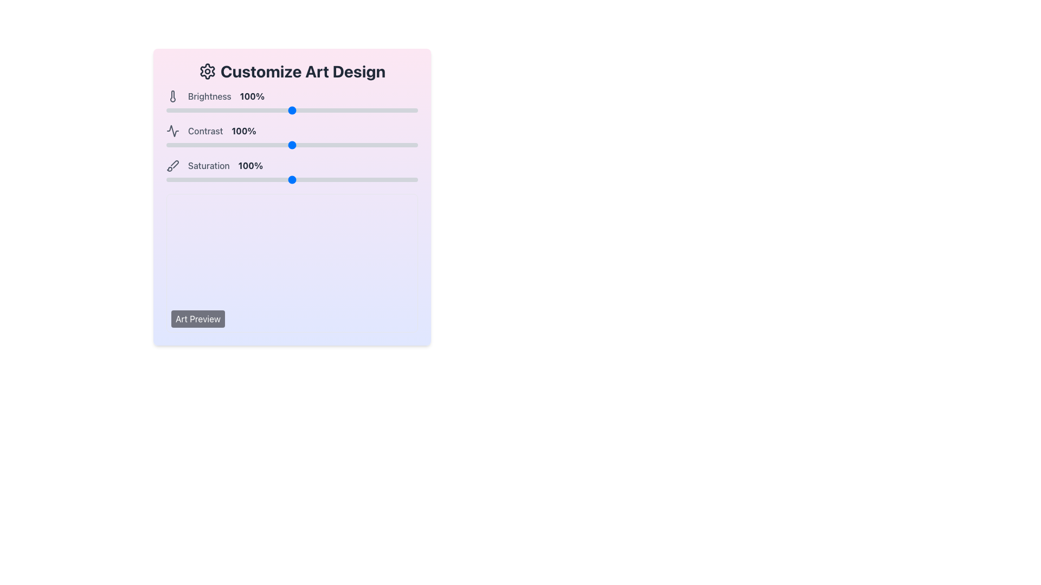 This screenshot has width=1041, height=585. What do you see at coordinates (252, 95) in the screenshot?
I see `the dynamic Text Display showing the current brightness percentage, which is positioned to the right of the 'Brightness' label` at bounding box center [252, 95].